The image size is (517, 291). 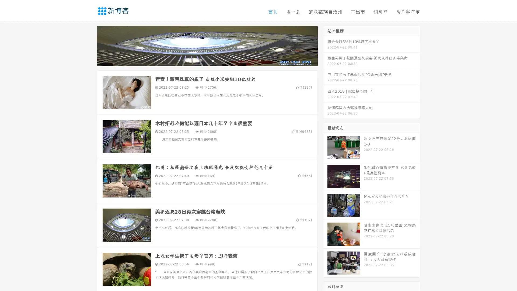 What do you see at coordinates (89, 45) in the screenshot?
I see `Previous slide` at bounding box center [89, 45].